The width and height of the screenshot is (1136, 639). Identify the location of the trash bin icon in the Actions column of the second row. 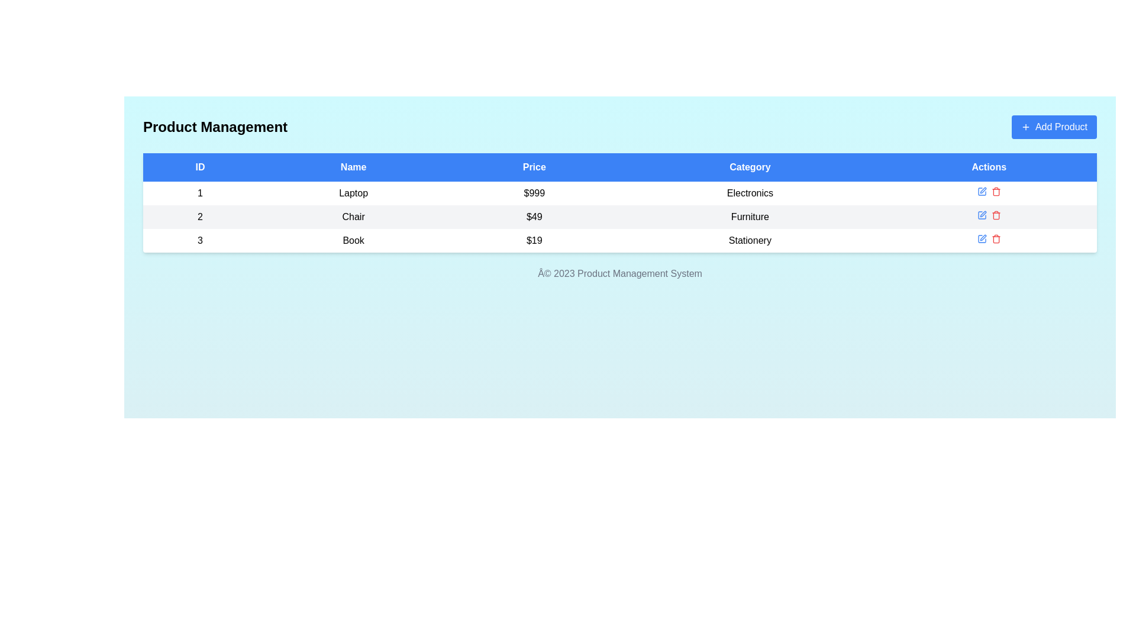
(995, 215).